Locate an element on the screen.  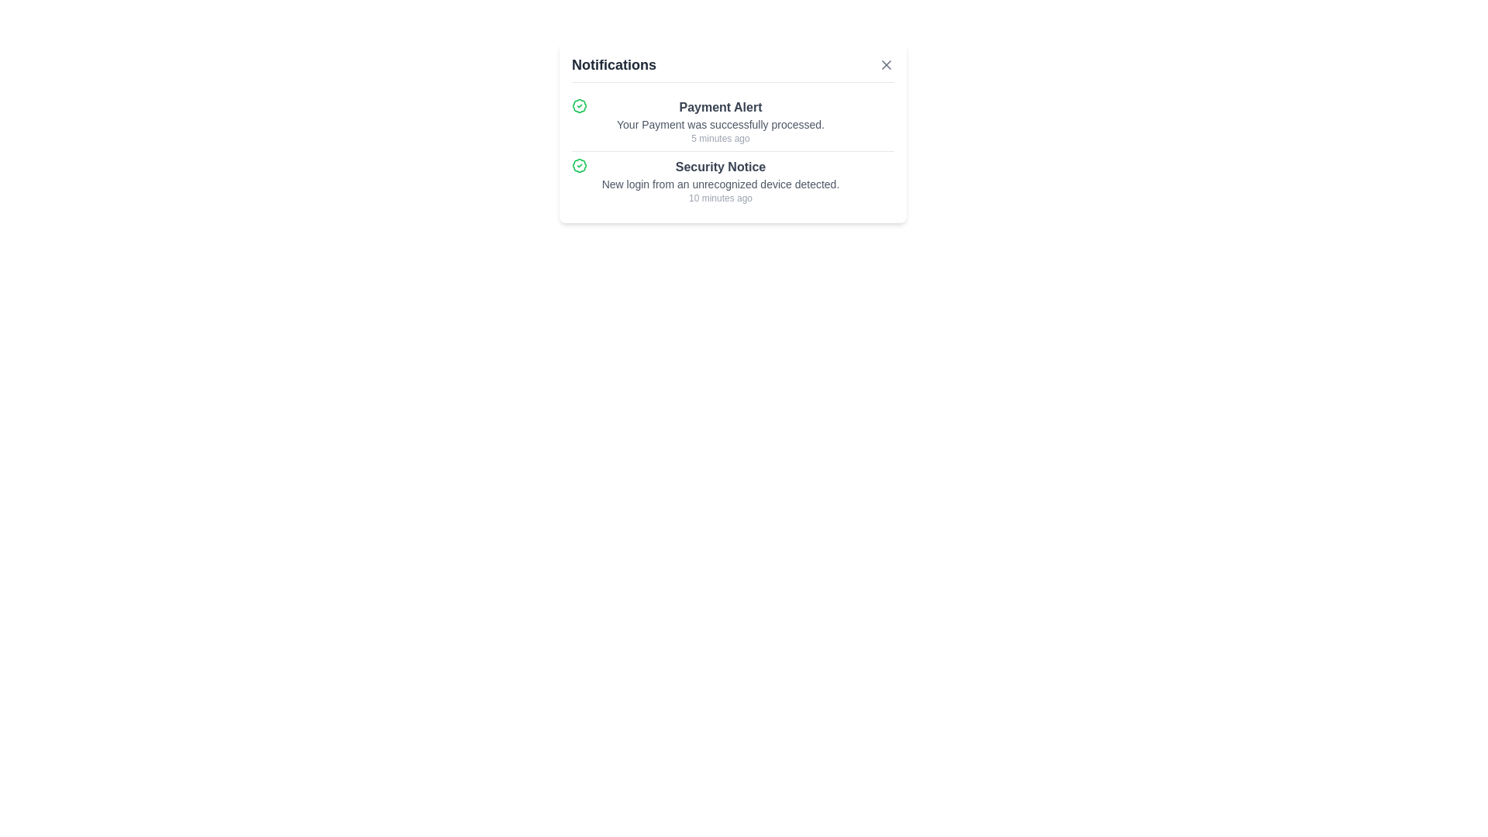
notification text 'Your Payment was successfully processed.' which is styled in a smaller gray font and located within the notification card below 'Payment Alert' is located at coordinates (720, 124).